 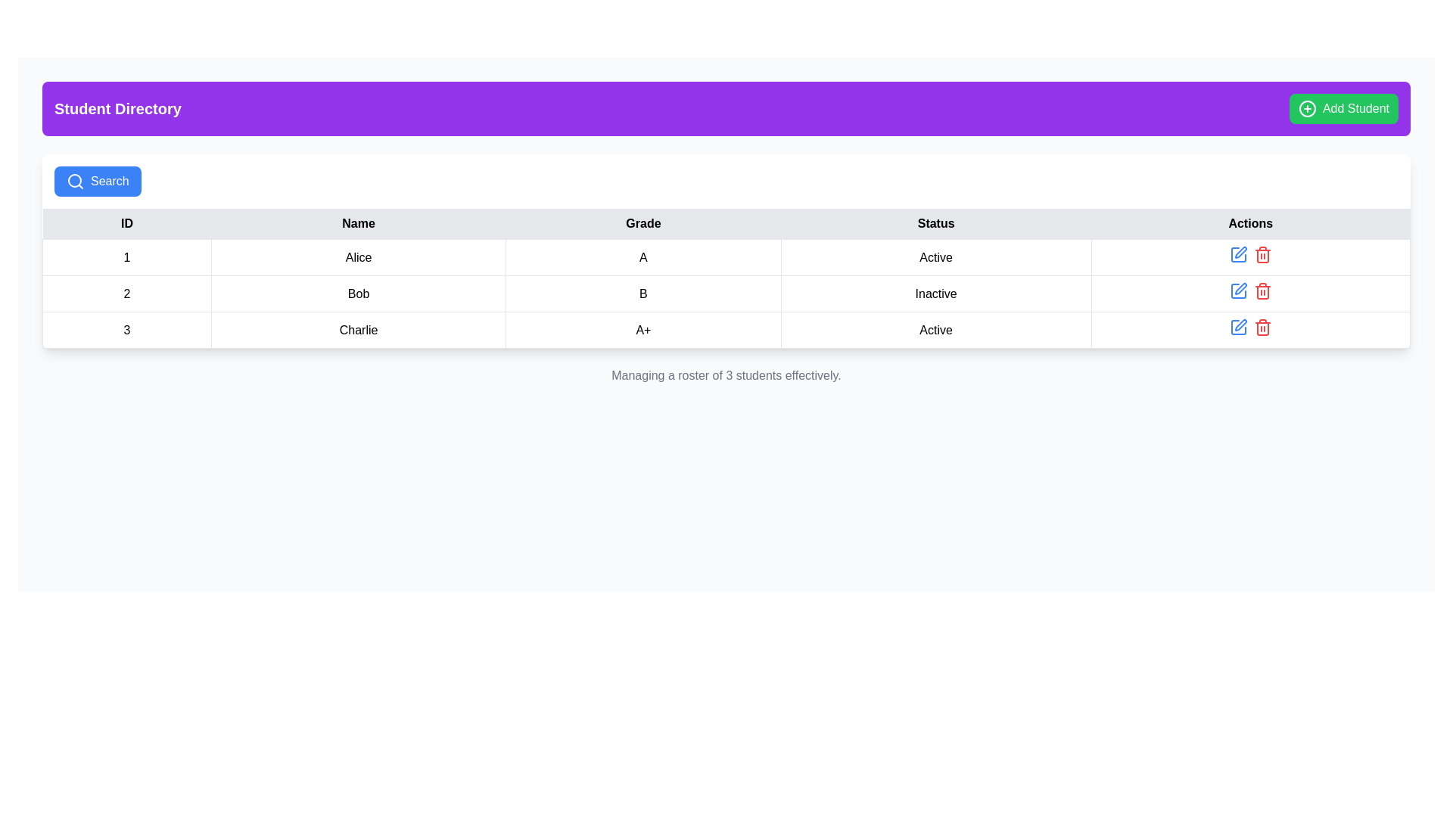 I want to click on the 'Active' text label in the 'Status' column for the user 'Charlie' in the third row of the table, so click(x=935, y=329).